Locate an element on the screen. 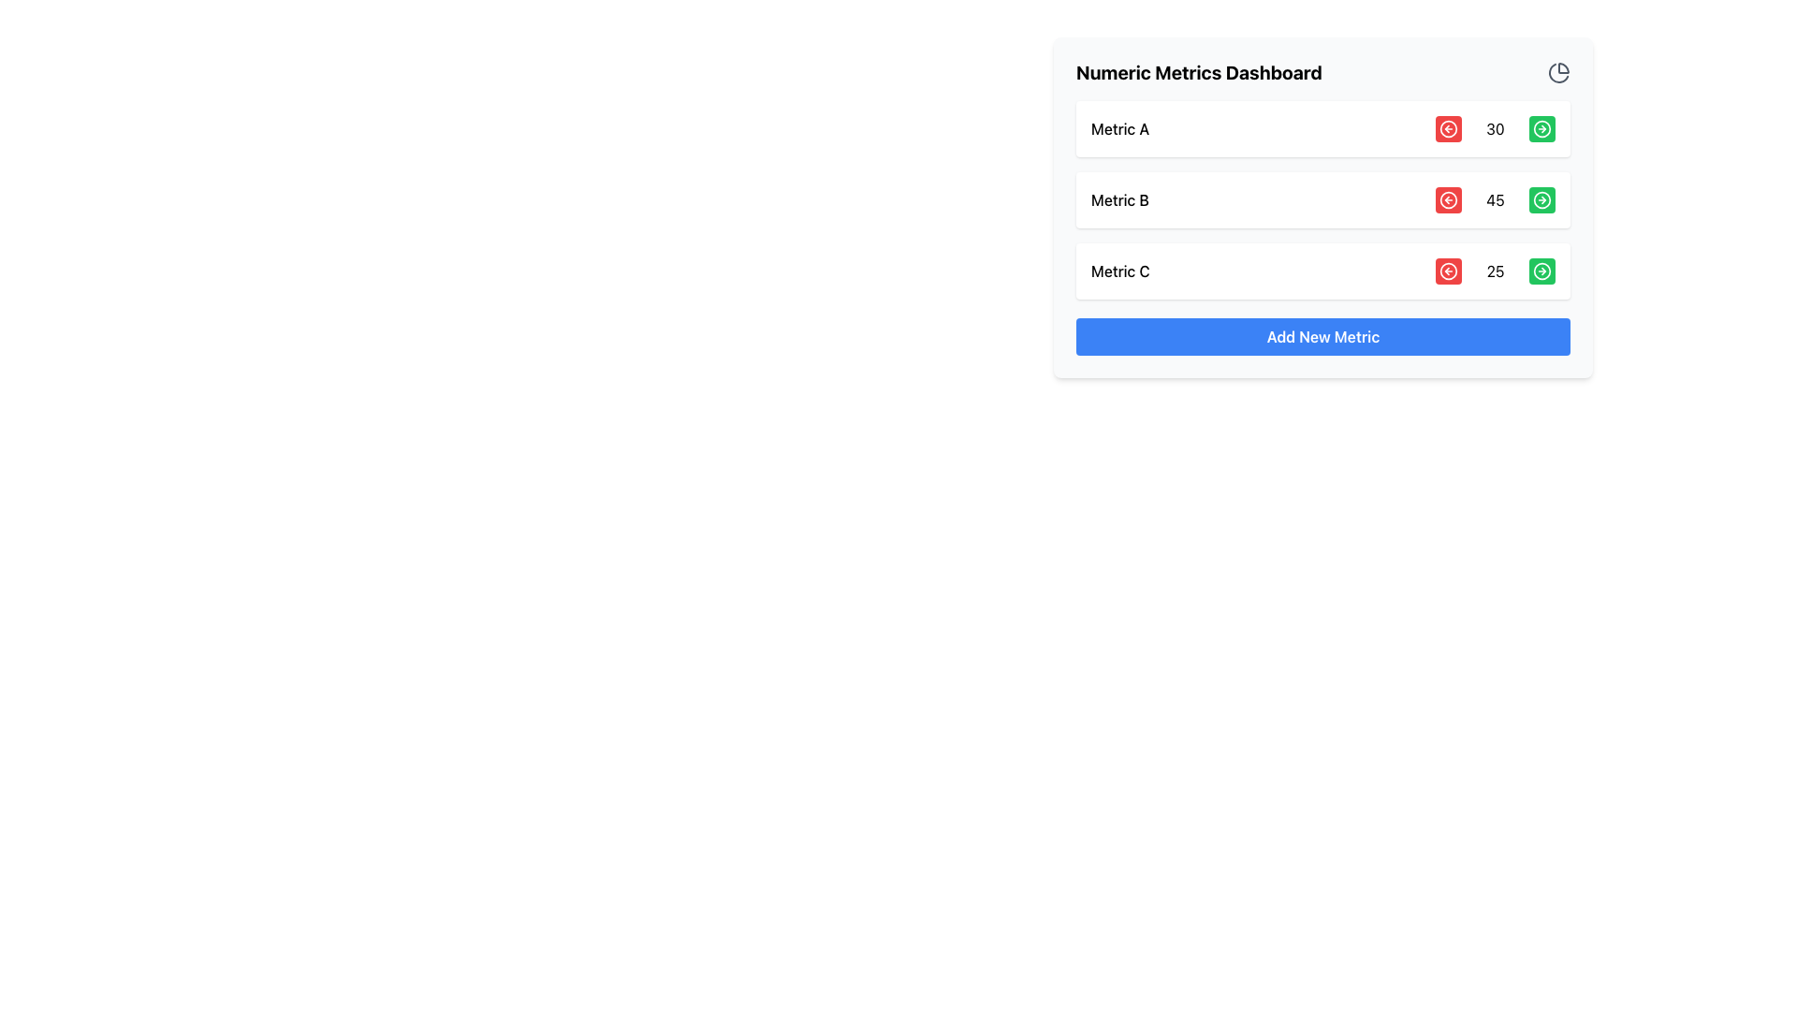 This screenshot has width=1797, height=1011. the static text display showing the current count or value for 'Metric C', located between the red button and the green button in the metric list row is located at coordinates (1495, 271).